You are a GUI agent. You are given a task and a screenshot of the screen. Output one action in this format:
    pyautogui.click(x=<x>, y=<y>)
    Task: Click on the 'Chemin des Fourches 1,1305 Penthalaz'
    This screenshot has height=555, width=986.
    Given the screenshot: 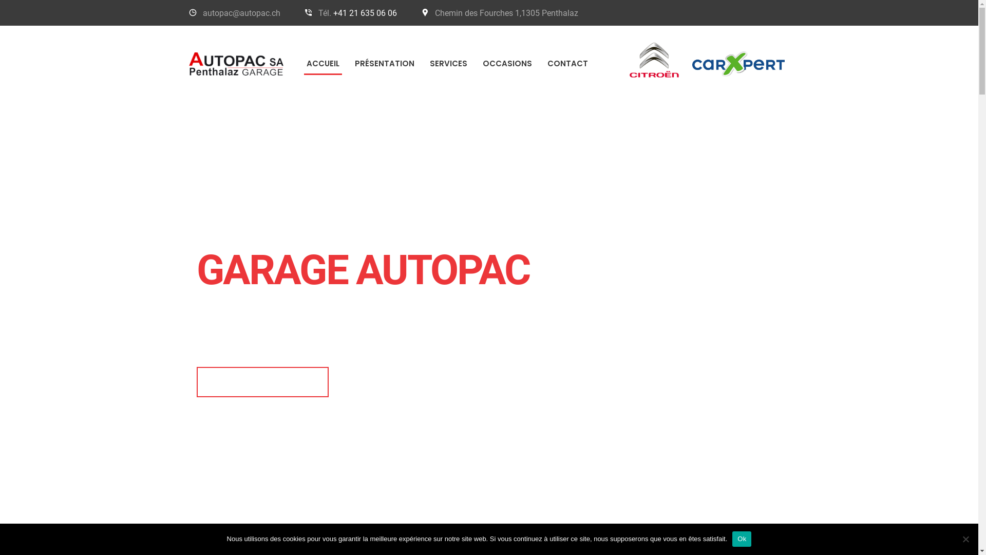 What is the action you would take?
    pyautogui.click(x=506, y=13)
    